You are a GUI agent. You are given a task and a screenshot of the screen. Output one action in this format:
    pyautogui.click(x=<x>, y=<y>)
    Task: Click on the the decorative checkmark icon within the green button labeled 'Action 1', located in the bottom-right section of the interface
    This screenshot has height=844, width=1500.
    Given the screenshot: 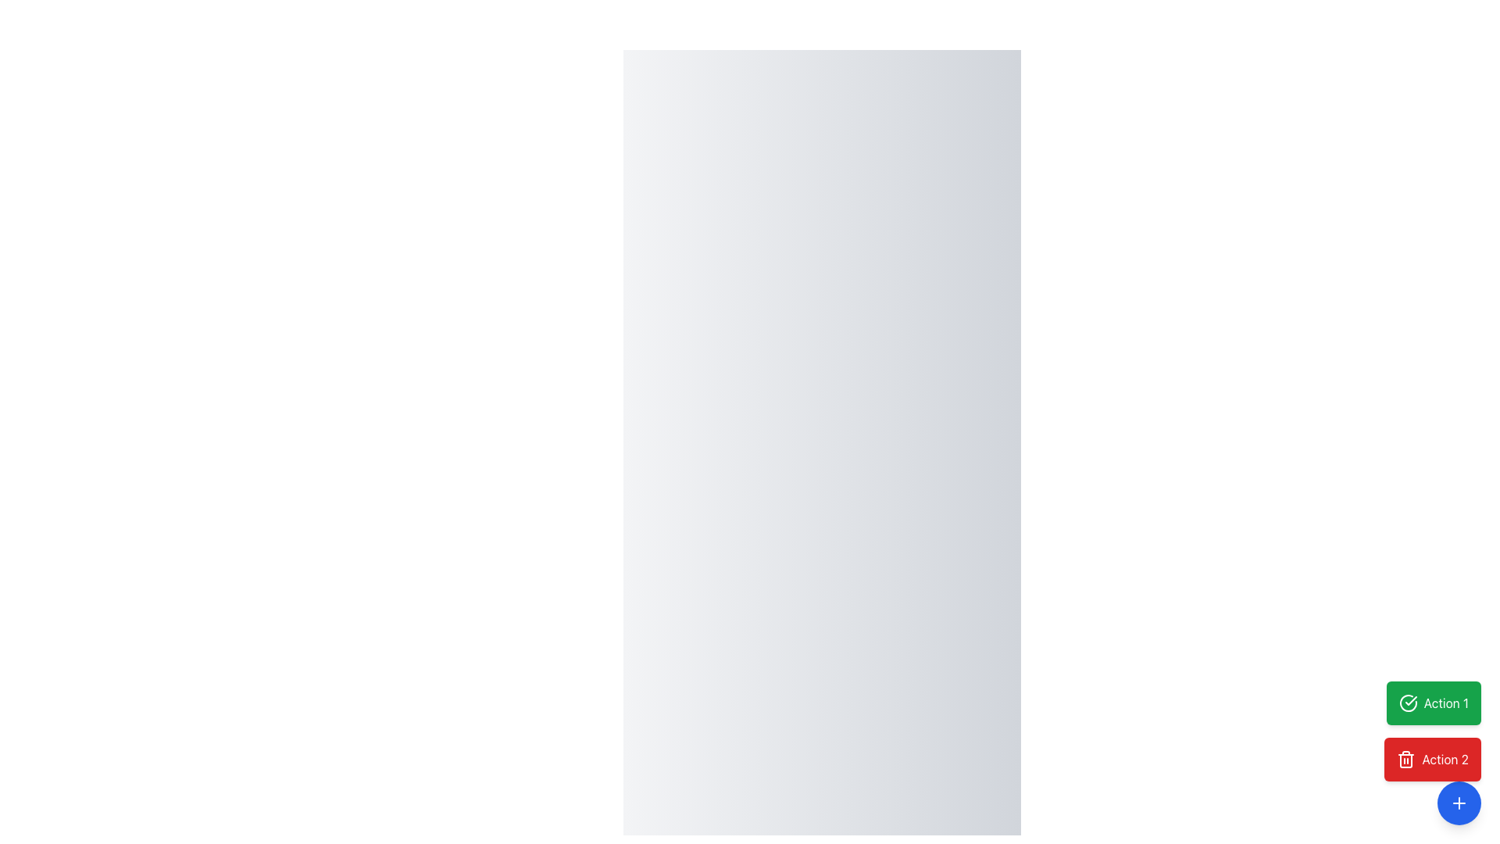 What is the action you would take?
    pyautogui.click(x=1411, y=700)
    